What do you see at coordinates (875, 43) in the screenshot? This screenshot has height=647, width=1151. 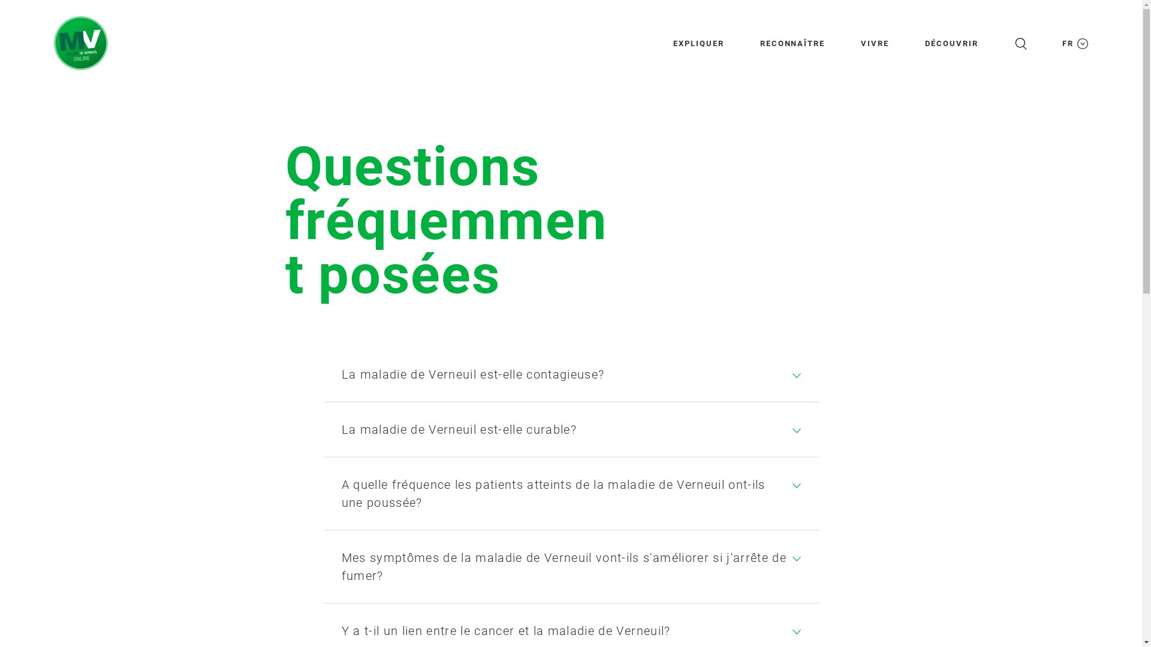 I see `'VIVRE'` at bounding box center [875, 43].